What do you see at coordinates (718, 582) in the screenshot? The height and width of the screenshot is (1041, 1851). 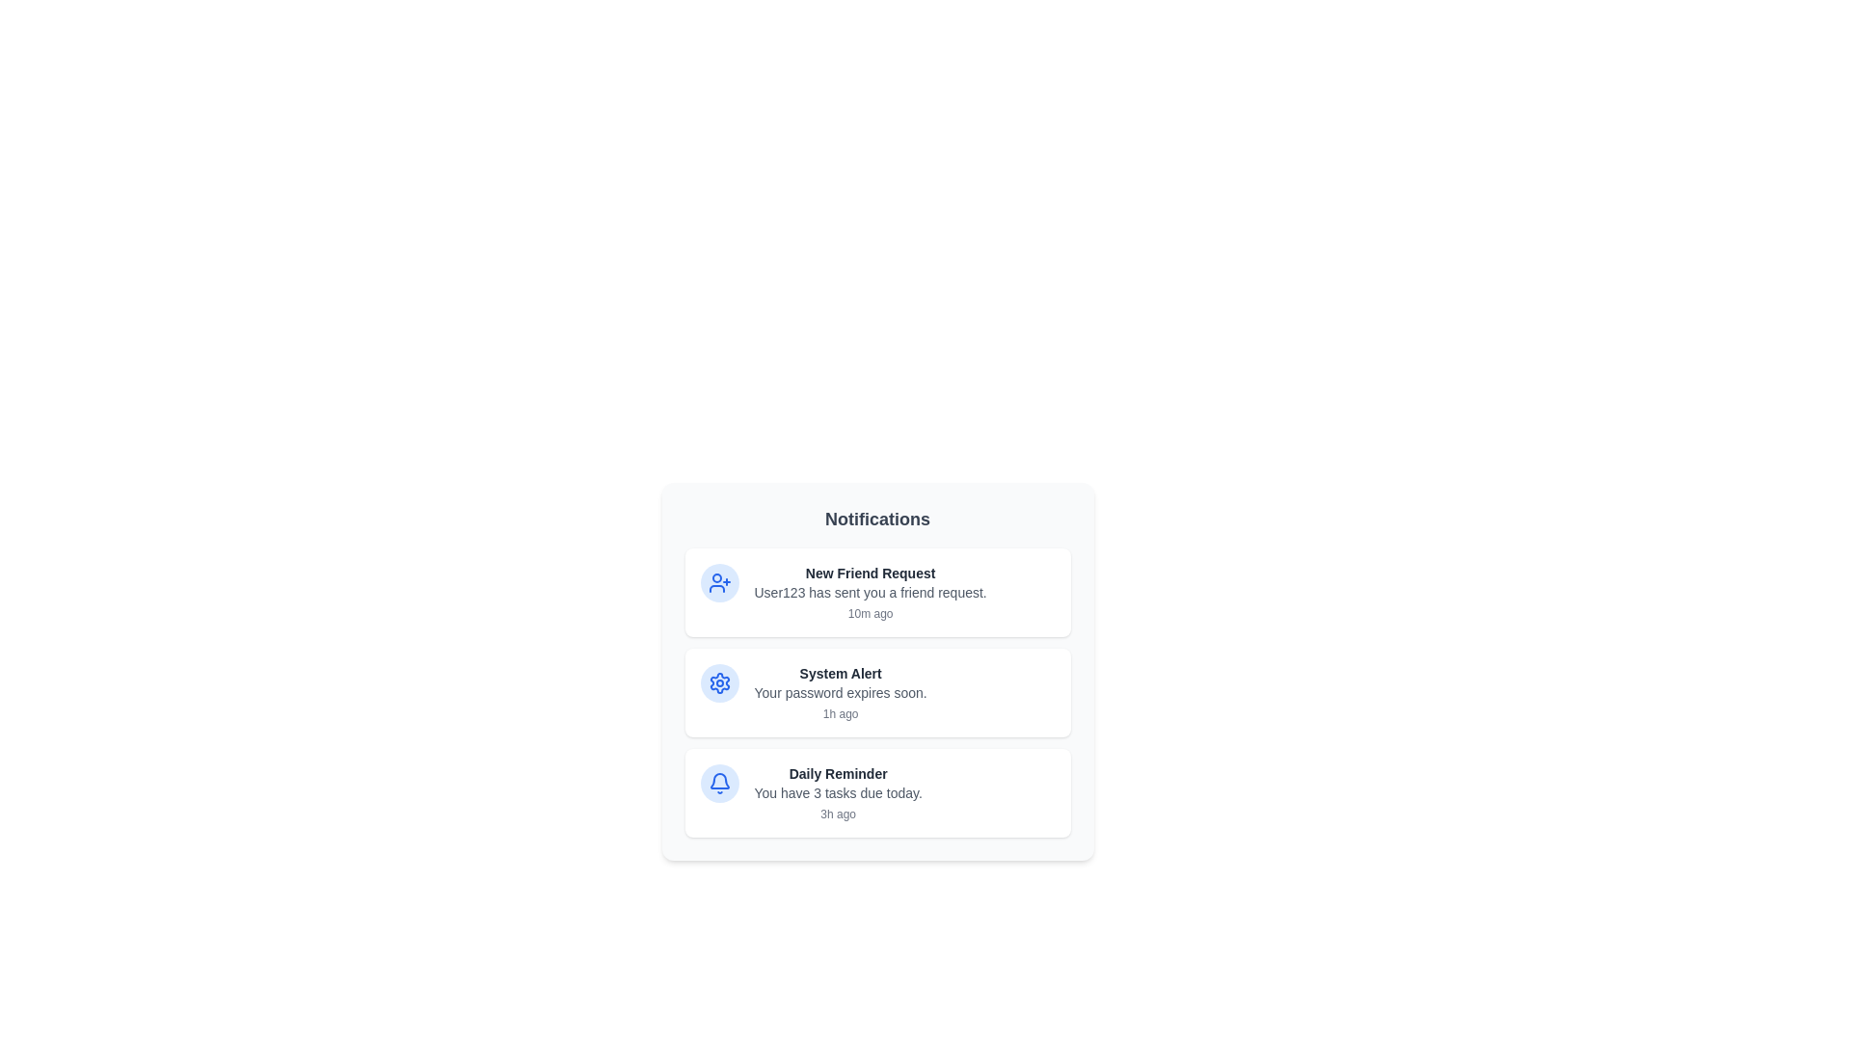 I see `the icon of the notification corresponding to New Friend Request` at bounding box center [718, 582].